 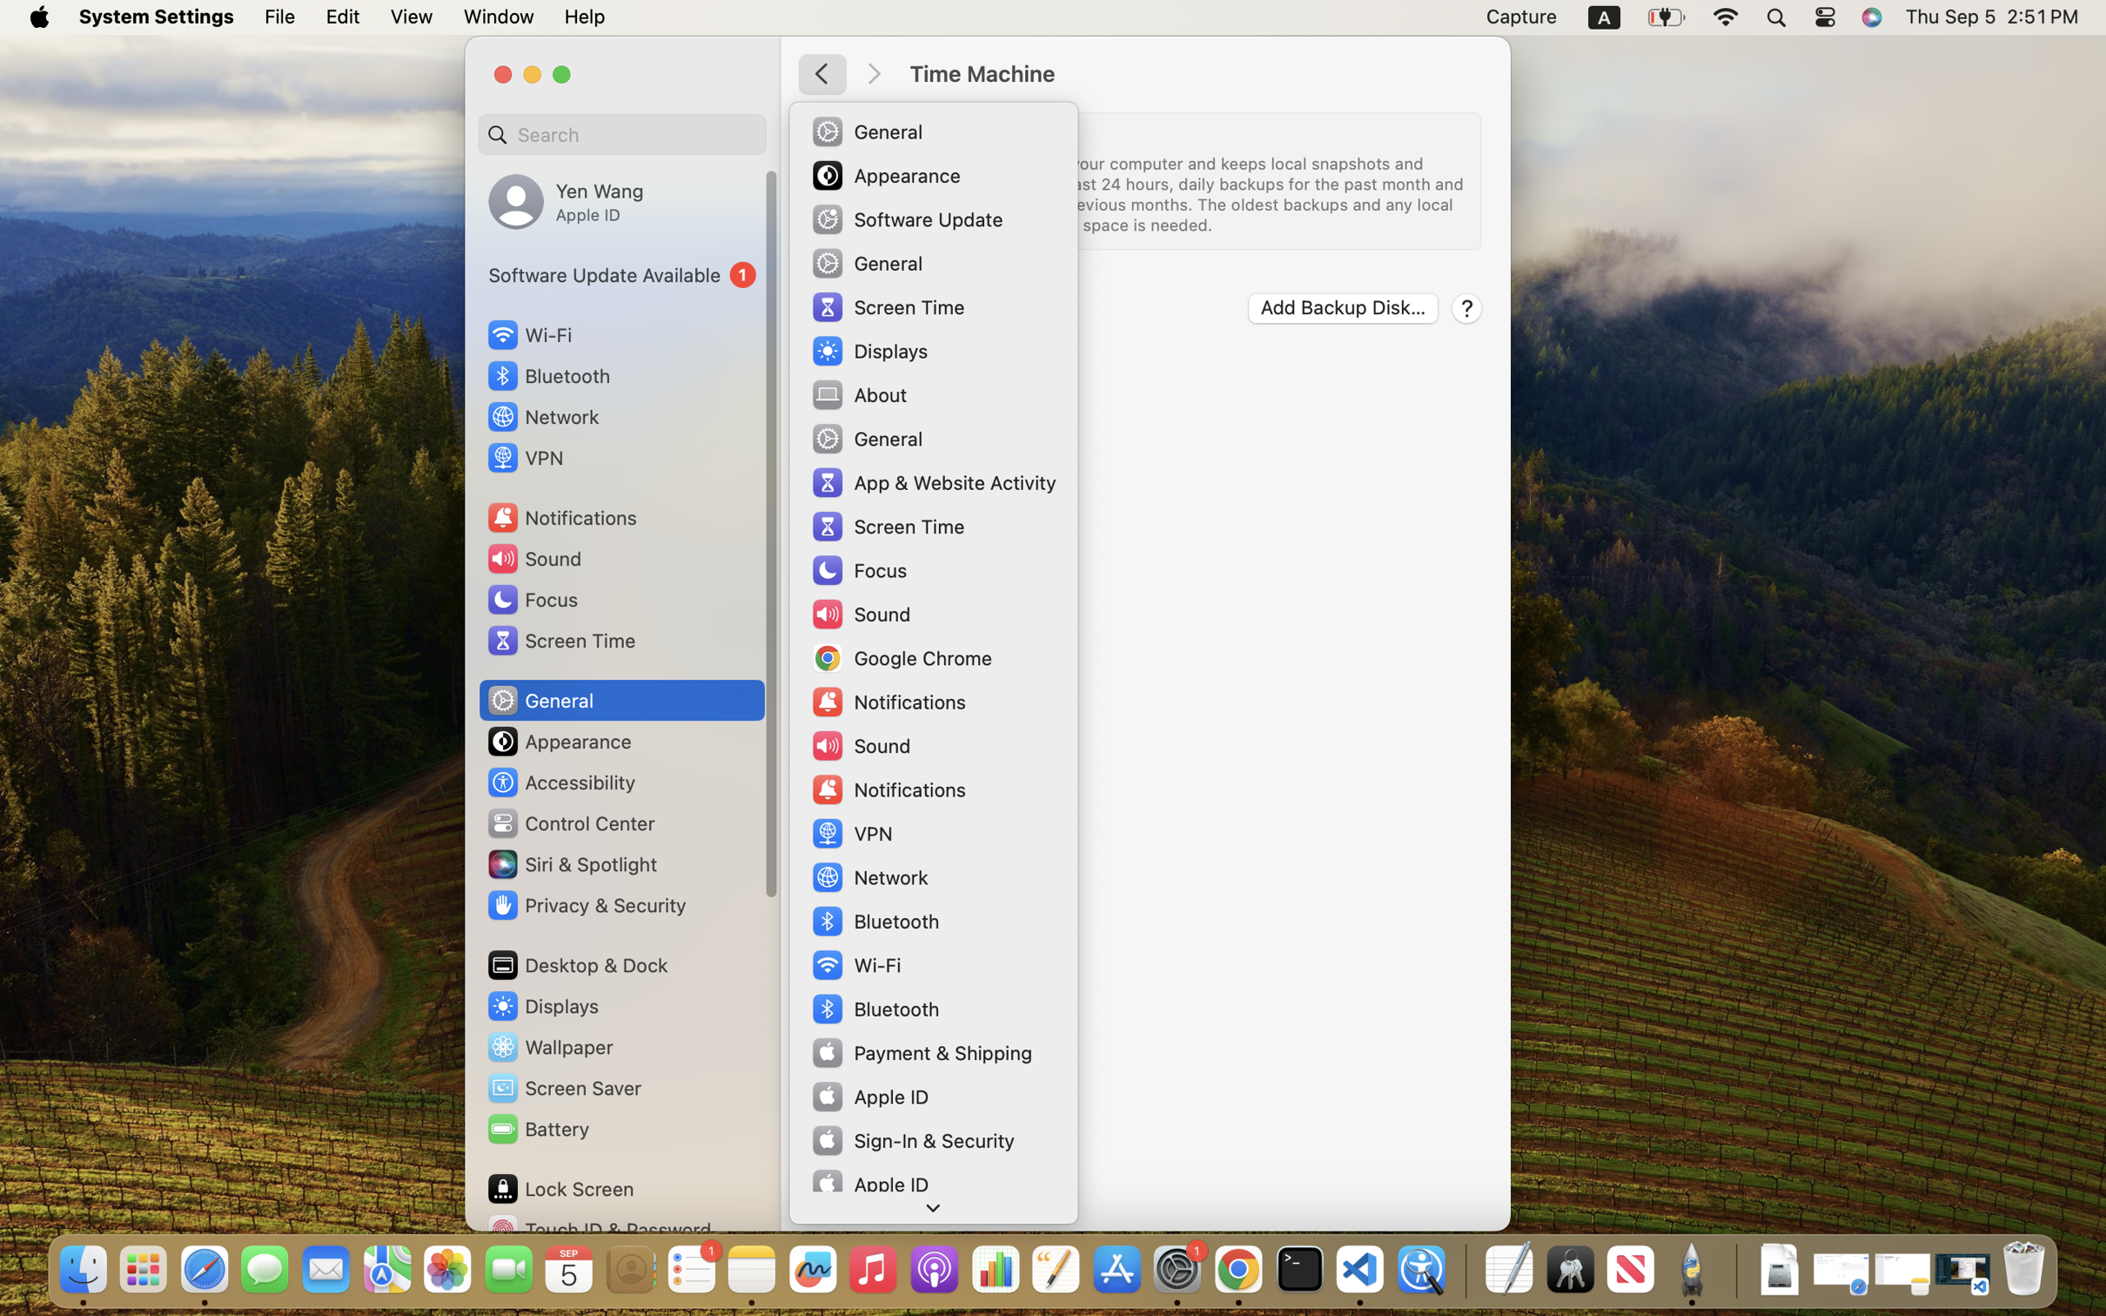 What do you see at coordinates (570, 823) in the screenshot?
I see `'Control Center'` at bounding box center [570, 823].